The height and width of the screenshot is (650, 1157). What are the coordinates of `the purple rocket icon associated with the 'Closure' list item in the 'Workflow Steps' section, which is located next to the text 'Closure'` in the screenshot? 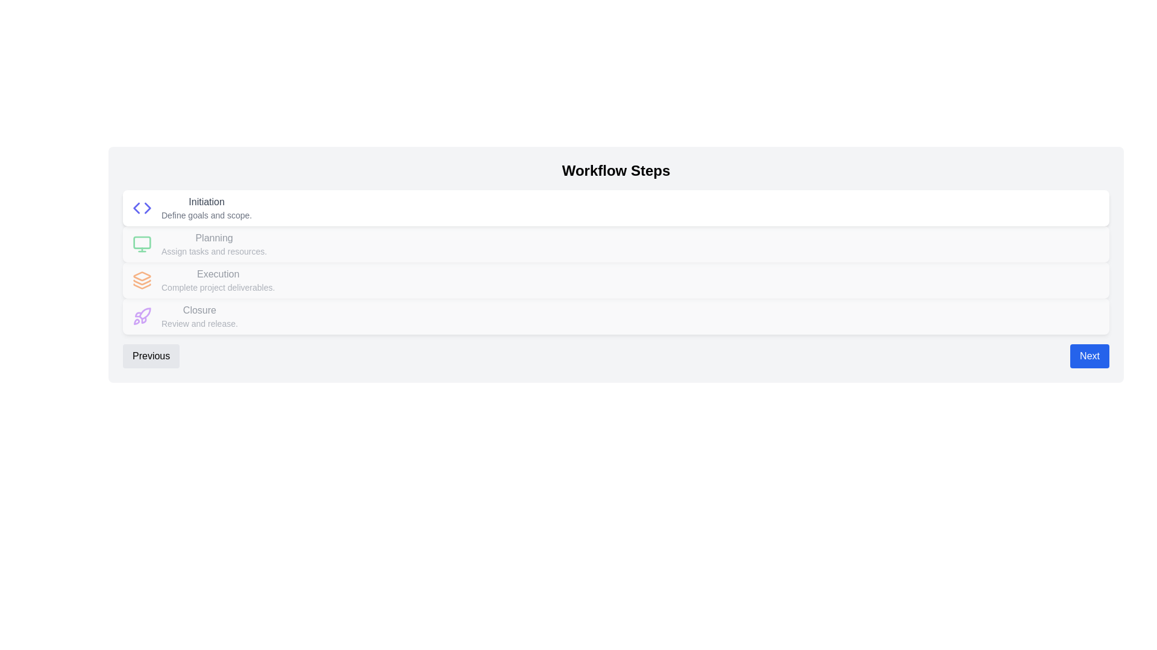 It's located at (142, 315).